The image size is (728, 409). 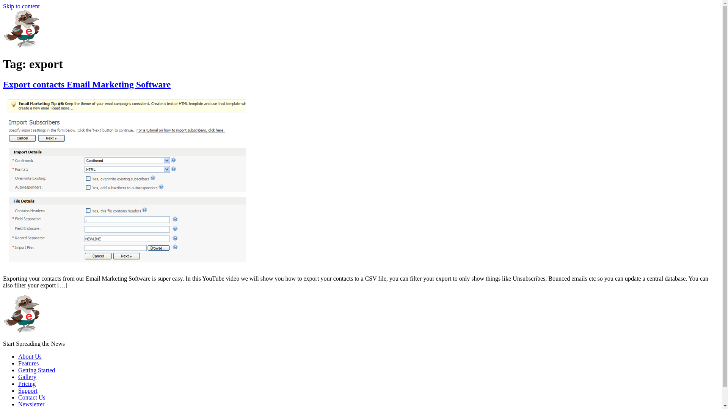 What do you see at coordinates (36, 370) in the screenshot?
I see `'Getting Started'` at bounding box center [36, 370].